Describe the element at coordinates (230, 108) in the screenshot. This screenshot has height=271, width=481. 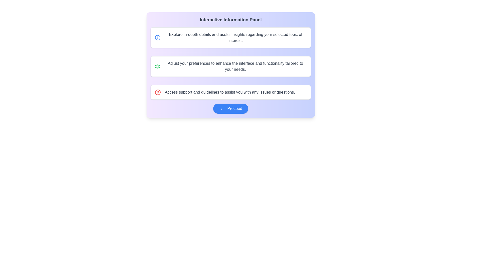
I see `the confirmation button located at the bottom-center section of the panel` at that location.